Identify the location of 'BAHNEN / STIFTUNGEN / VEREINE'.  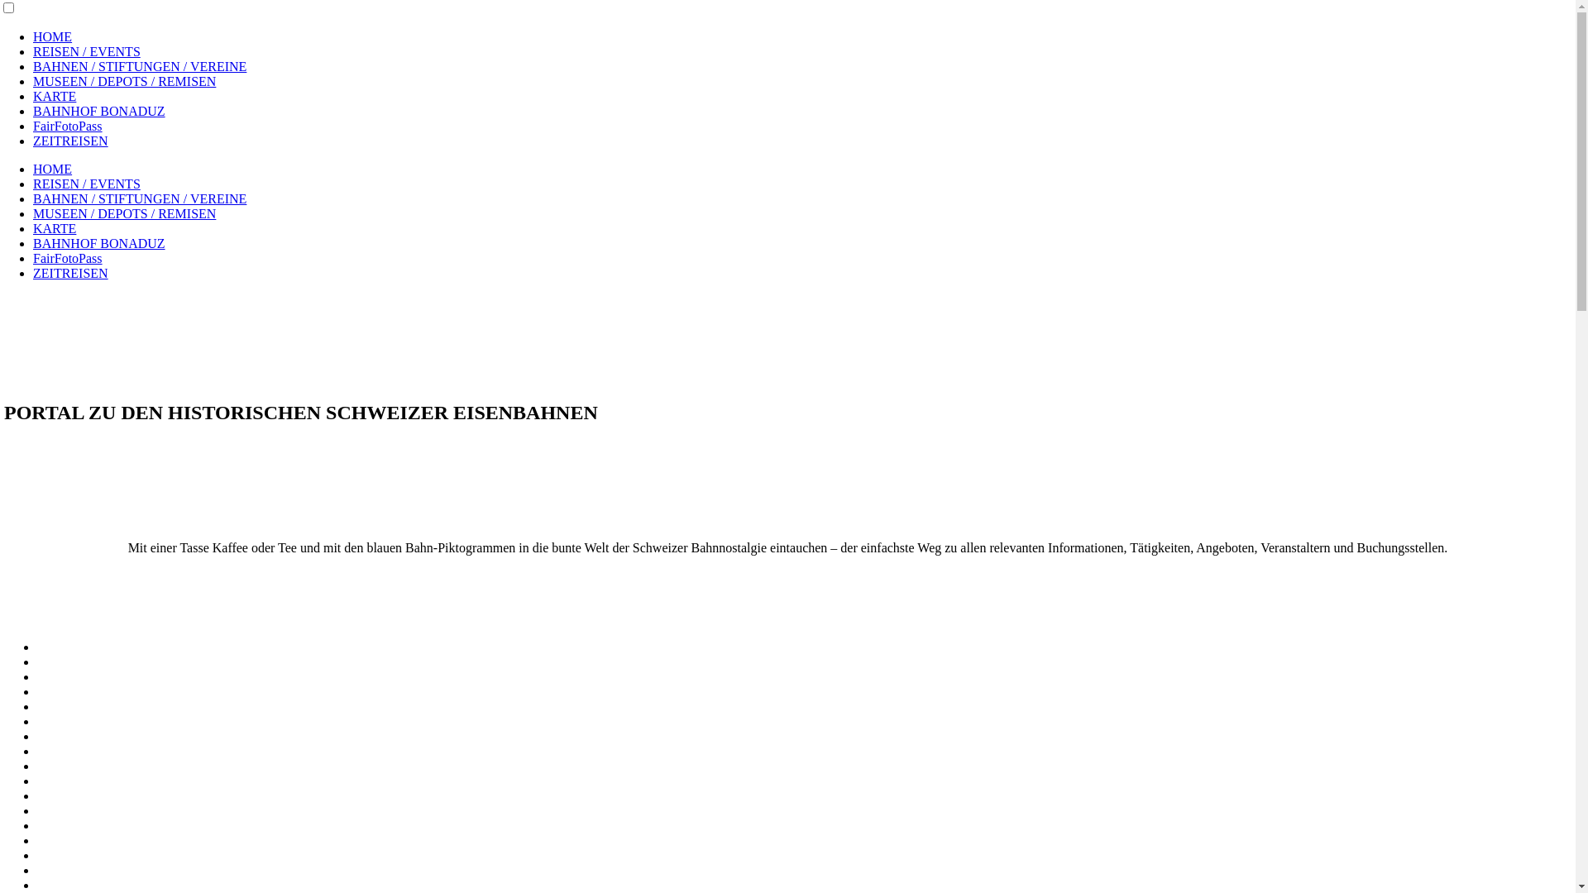
(139, 198).